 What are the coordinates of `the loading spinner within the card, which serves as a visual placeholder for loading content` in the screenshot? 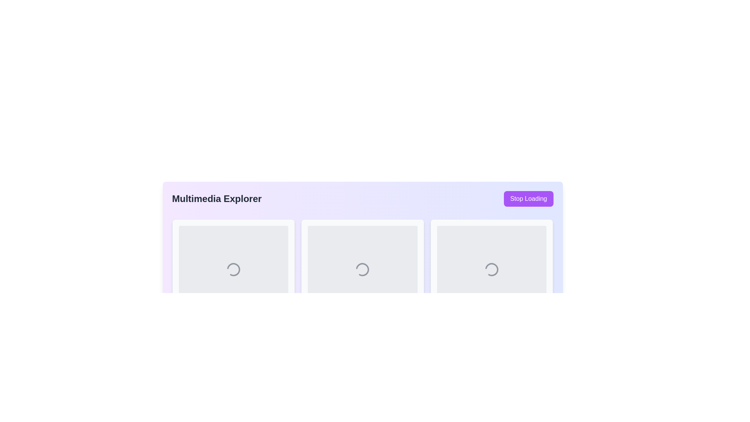 It's located at (362, 269).